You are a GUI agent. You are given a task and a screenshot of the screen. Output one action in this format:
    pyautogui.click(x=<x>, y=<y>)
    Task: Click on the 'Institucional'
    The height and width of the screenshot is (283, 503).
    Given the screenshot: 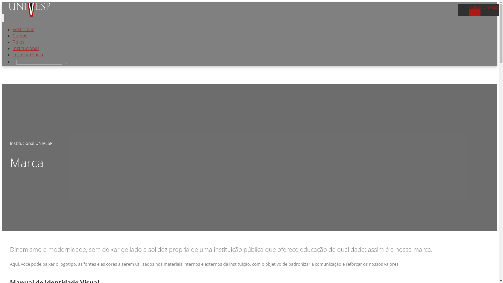 What is the action you would take?
    pyautogui.click(x=25, y=48)
    